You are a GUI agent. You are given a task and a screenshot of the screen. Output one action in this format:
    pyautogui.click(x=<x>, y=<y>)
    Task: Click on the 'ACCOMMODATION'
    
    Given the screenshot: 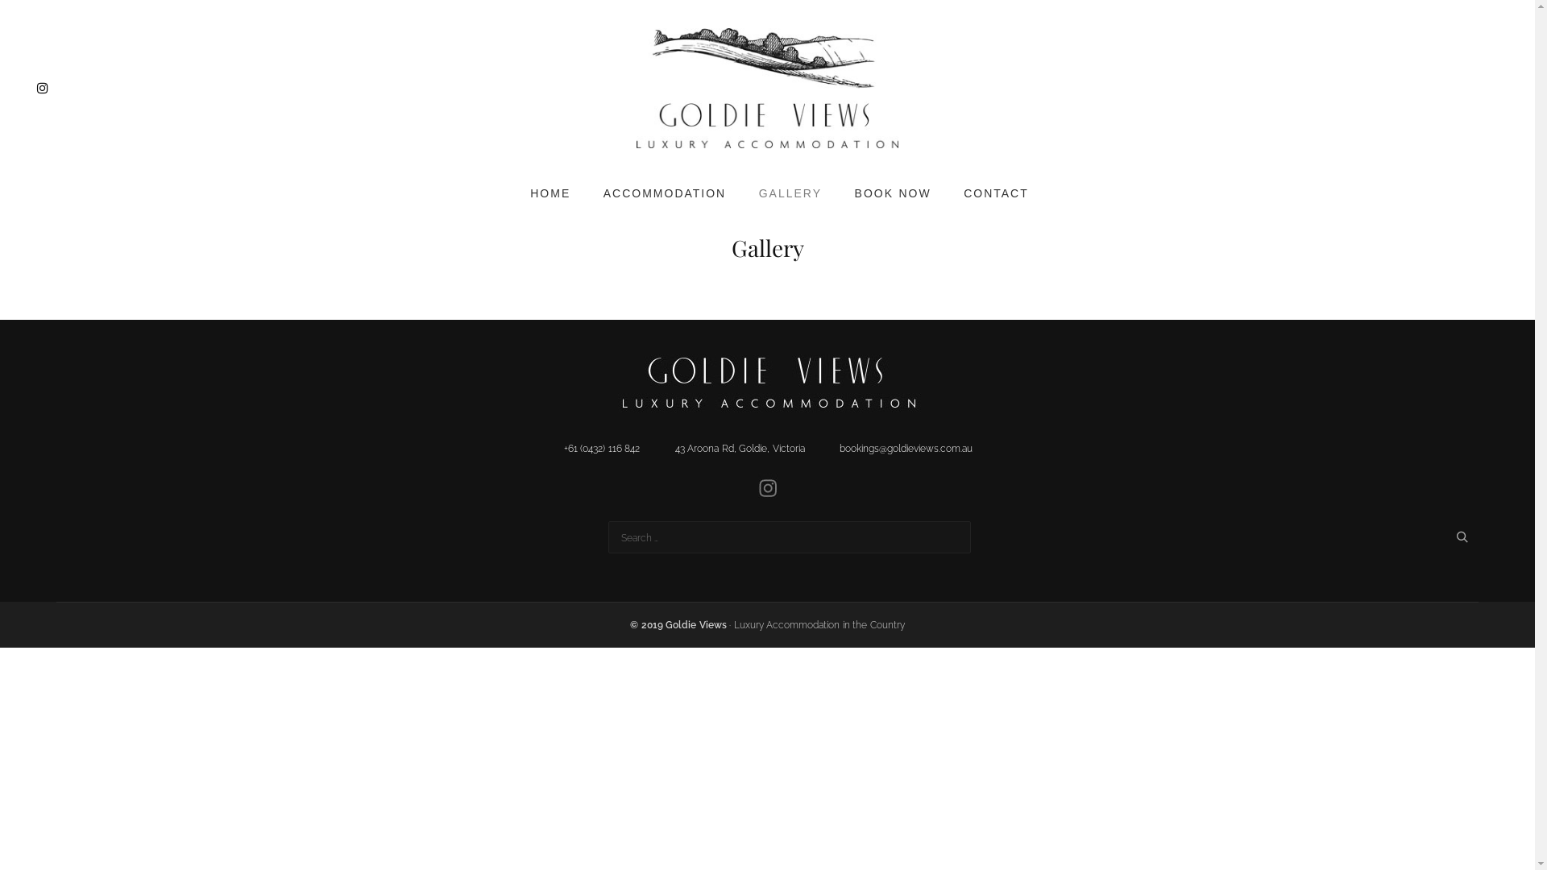 What is the action you would take?
    pyautogui.click(x=665, y=192)
    